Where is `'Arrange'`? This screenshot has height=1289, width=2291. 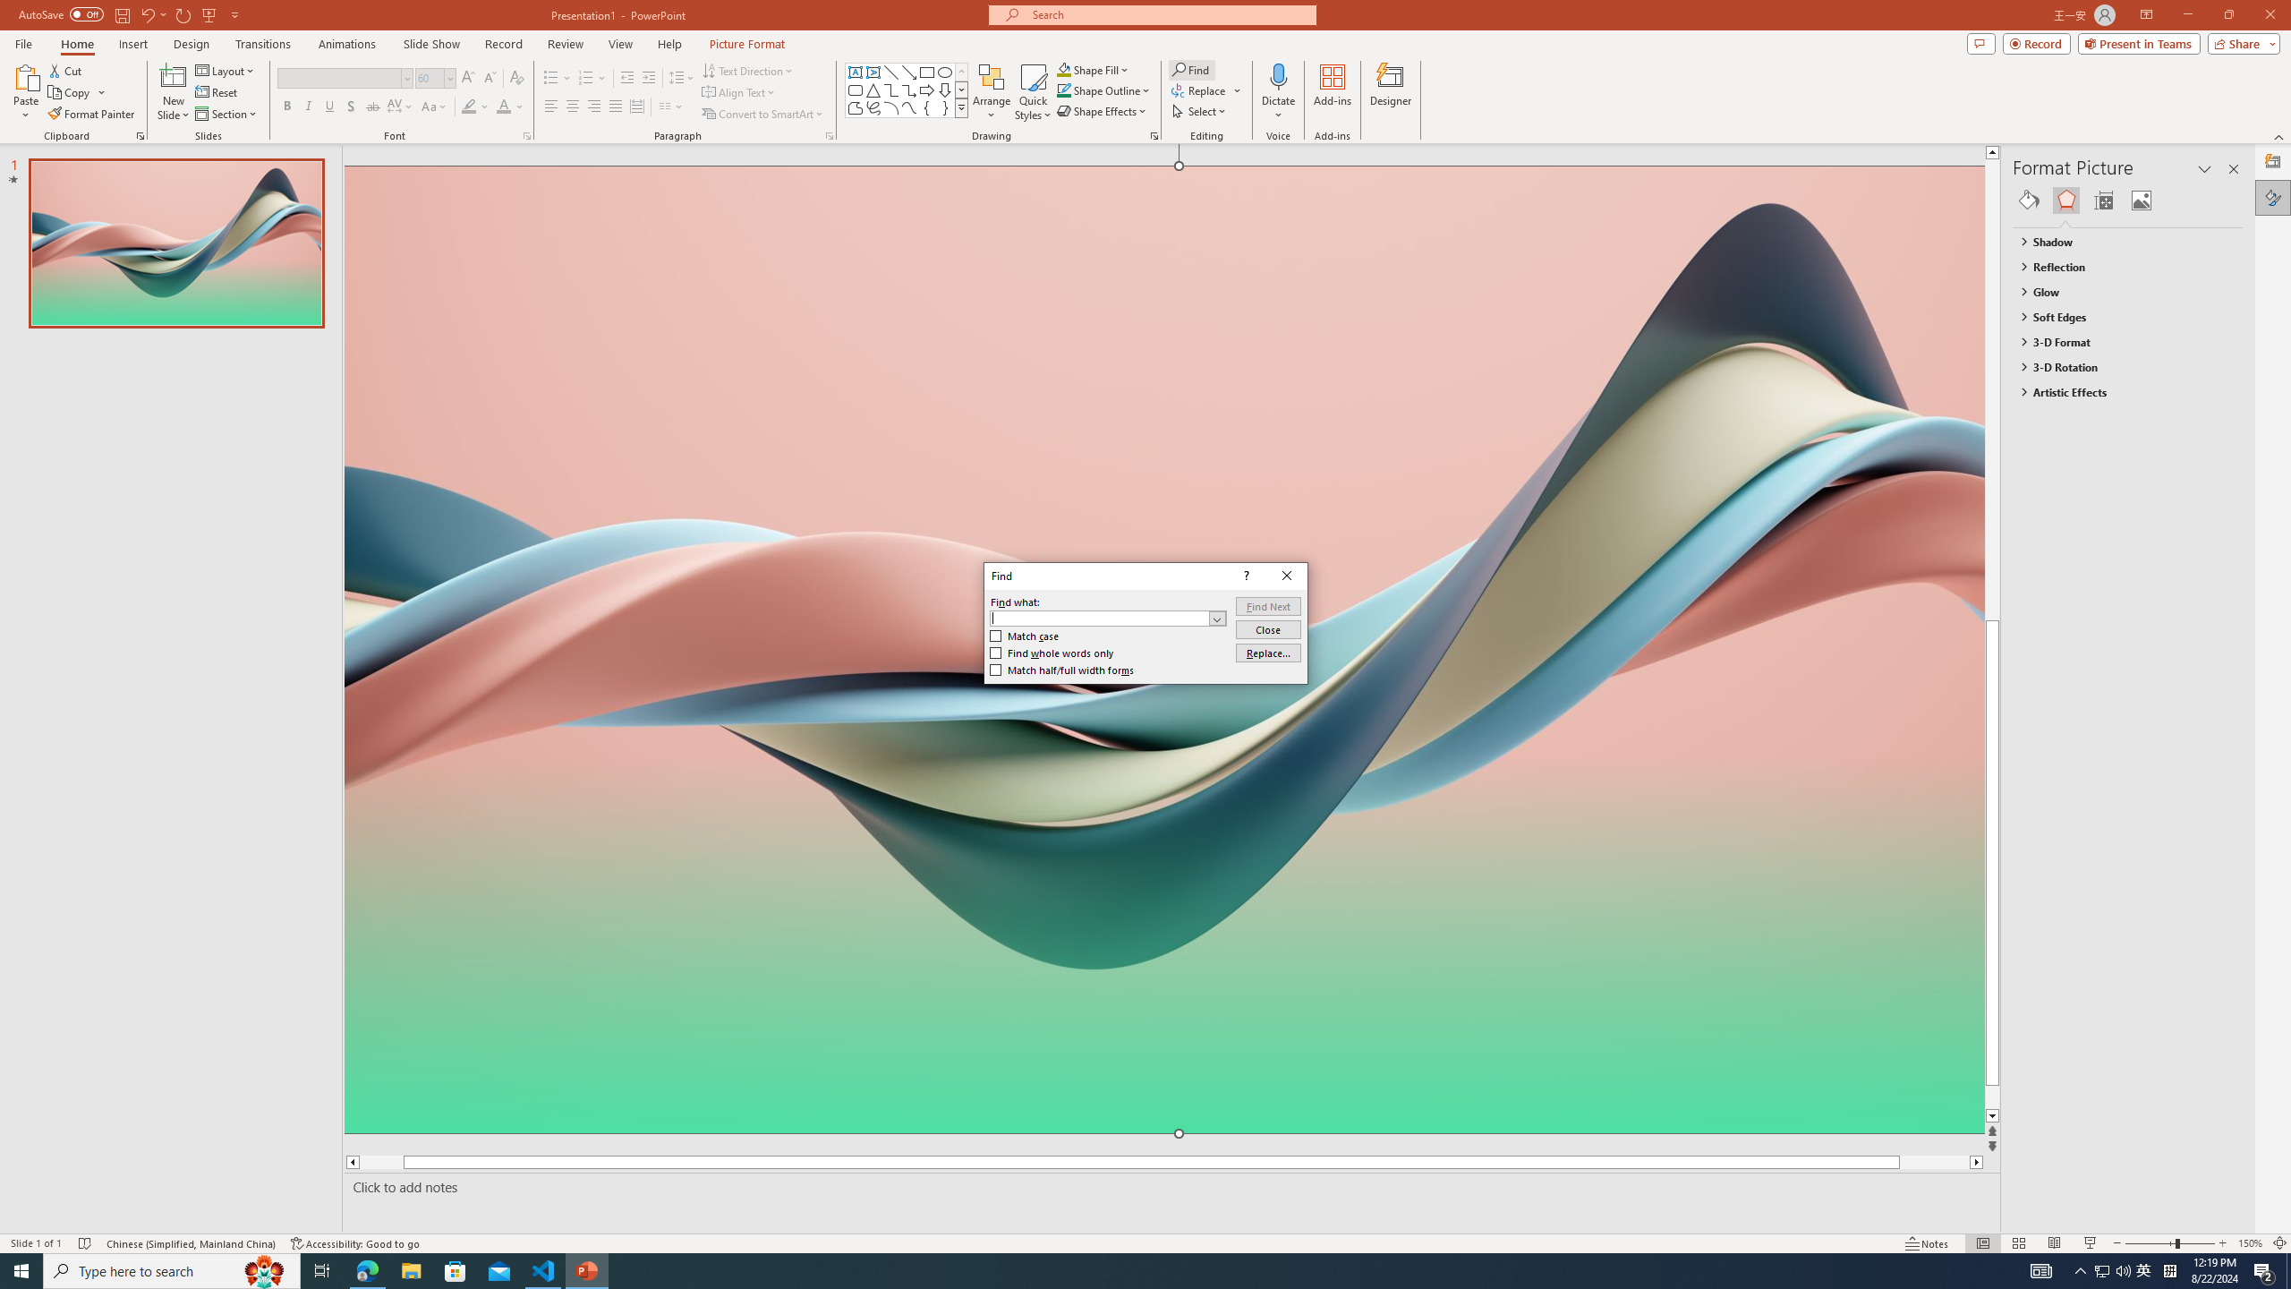 'Arrange' is located at coordinates (992, 92).